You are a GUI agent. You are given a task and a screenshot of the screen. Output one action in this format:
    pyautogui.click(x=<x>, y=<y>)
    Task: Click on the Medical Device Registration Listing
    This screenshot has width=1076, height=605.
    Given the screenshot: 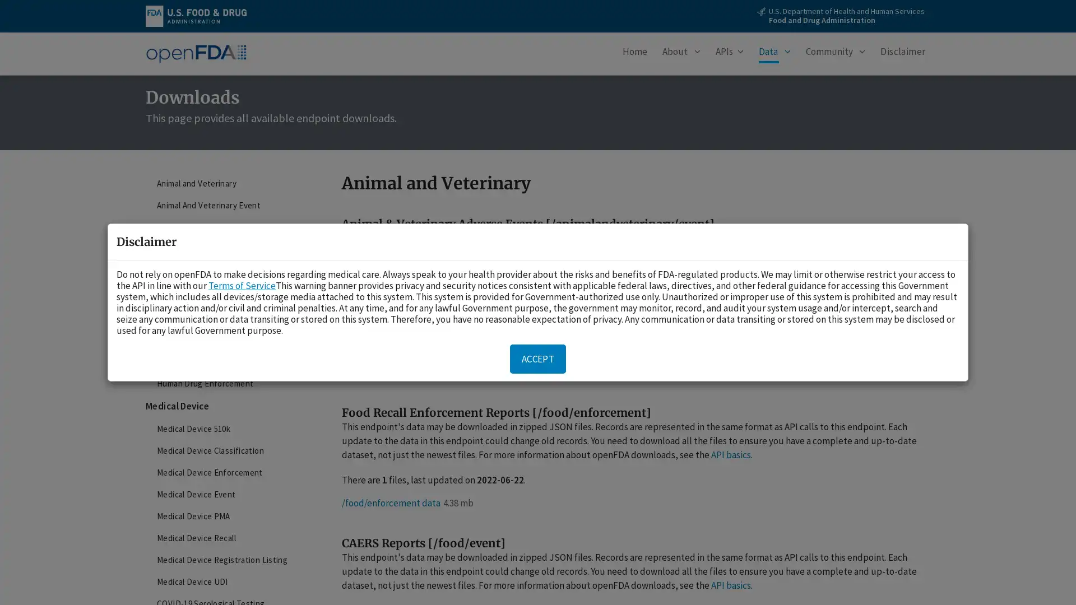 What is the action you would take?
    pyautogui.click(x=229, y=560)
    